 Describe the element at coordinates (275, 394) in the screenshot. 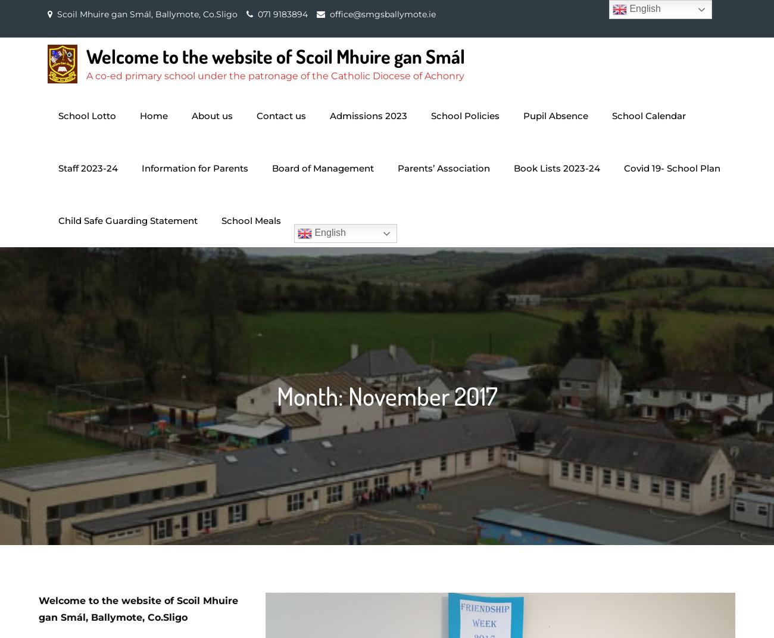

I see `'Month:'` at that location.